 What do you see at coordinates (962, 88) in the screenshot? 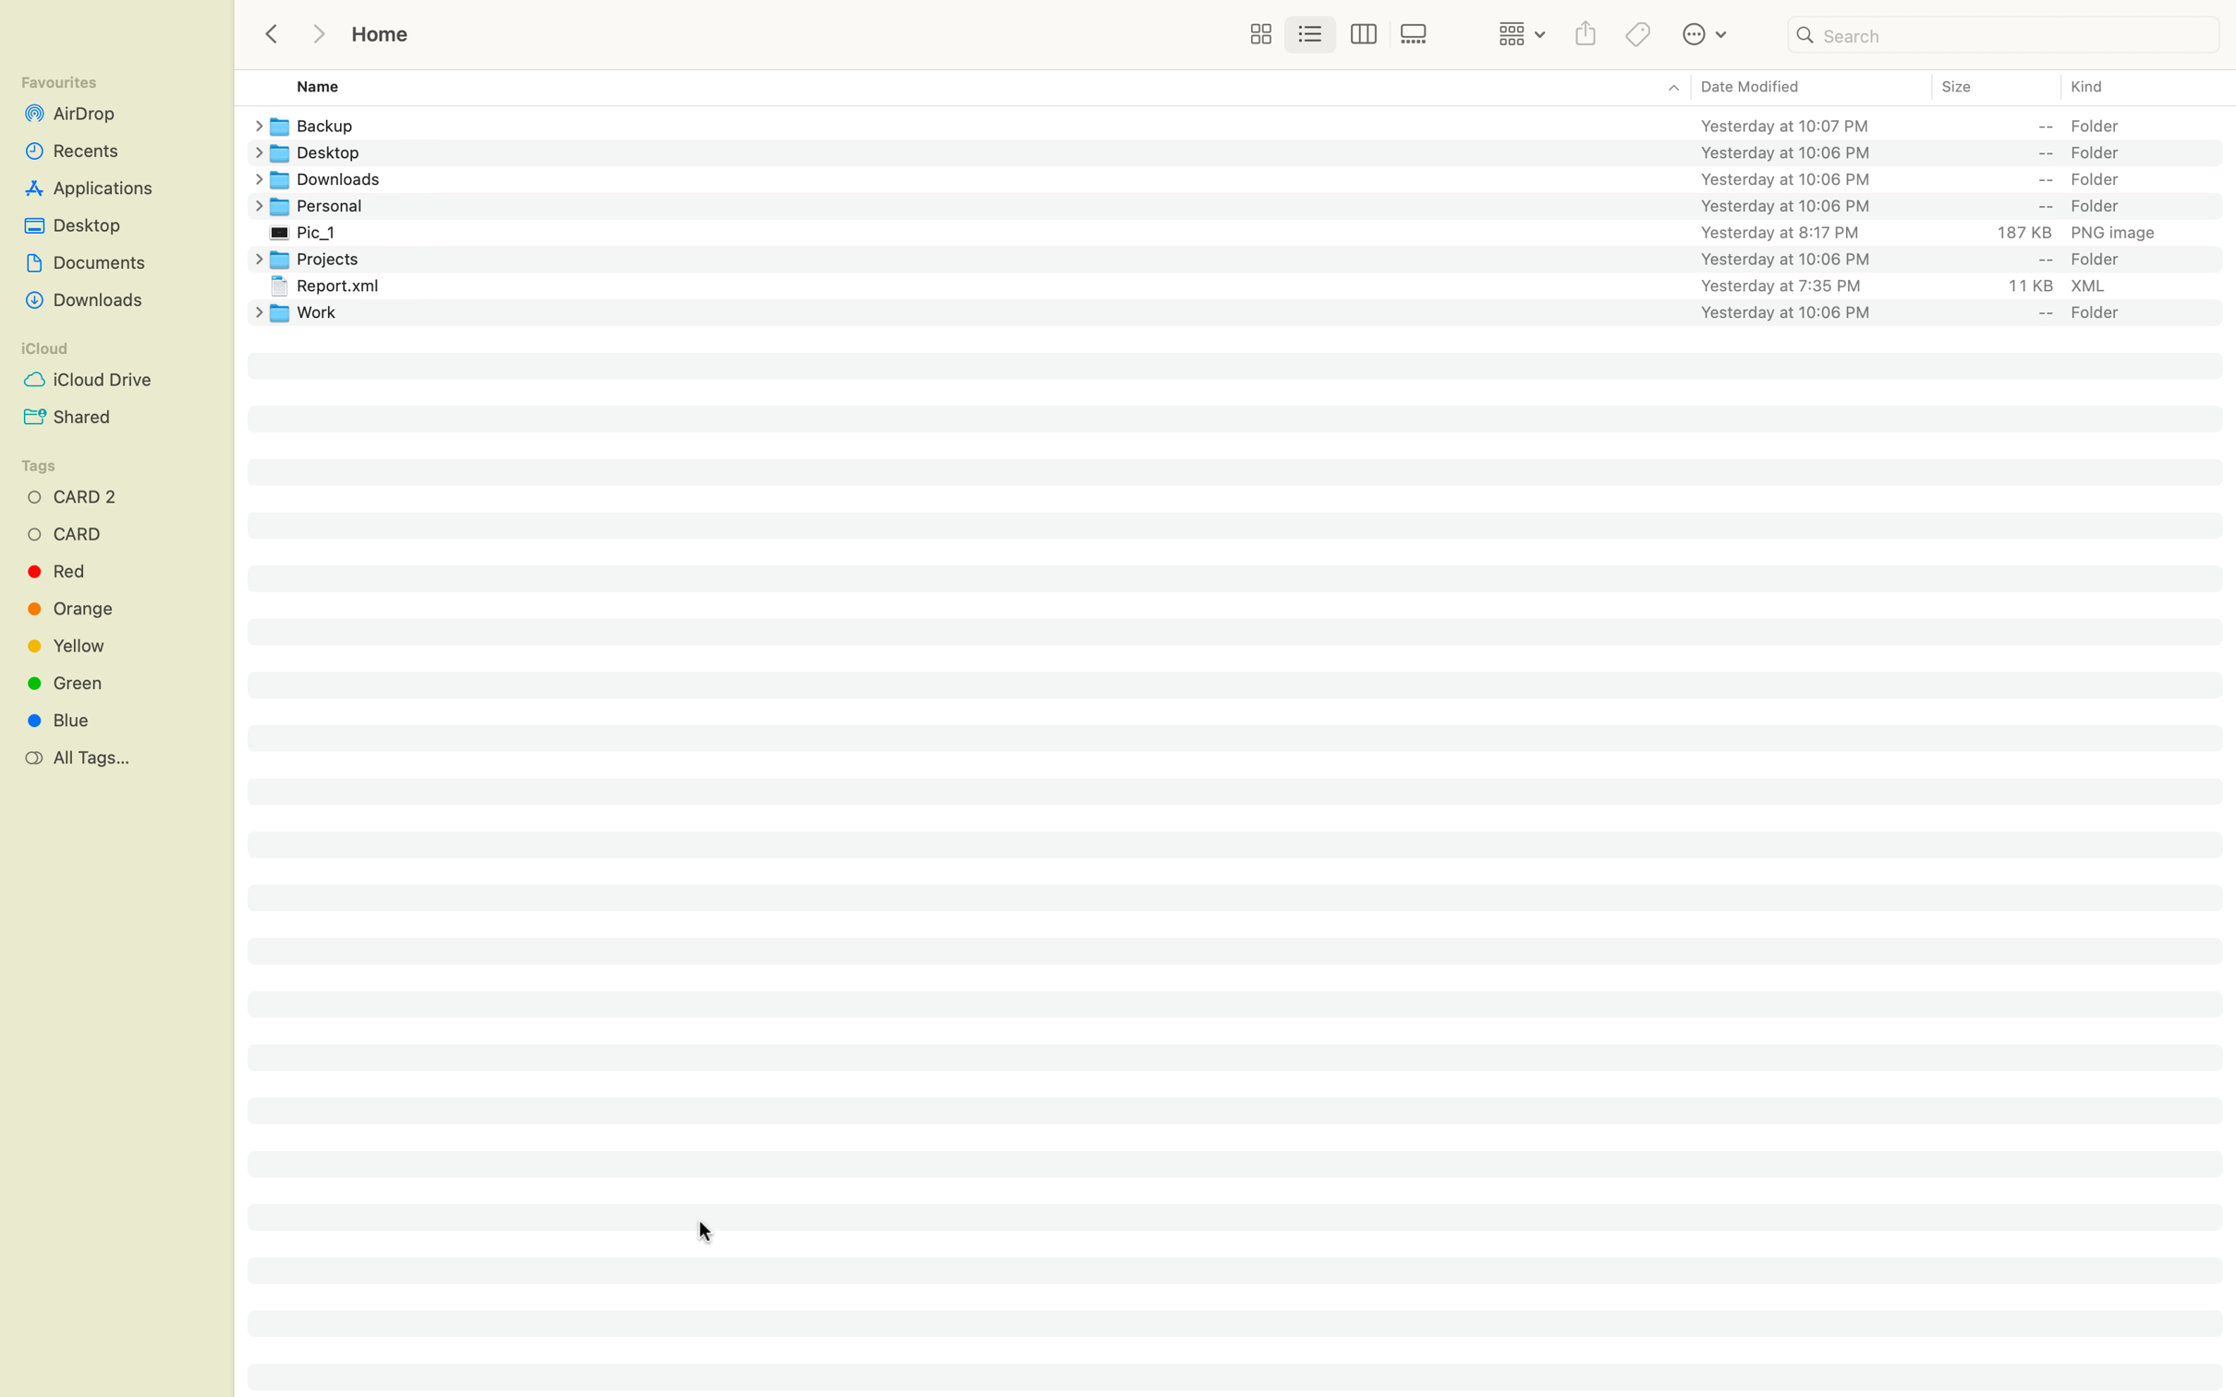
I see `Sort the files by name in descending order` at bounding box center [962, 88].